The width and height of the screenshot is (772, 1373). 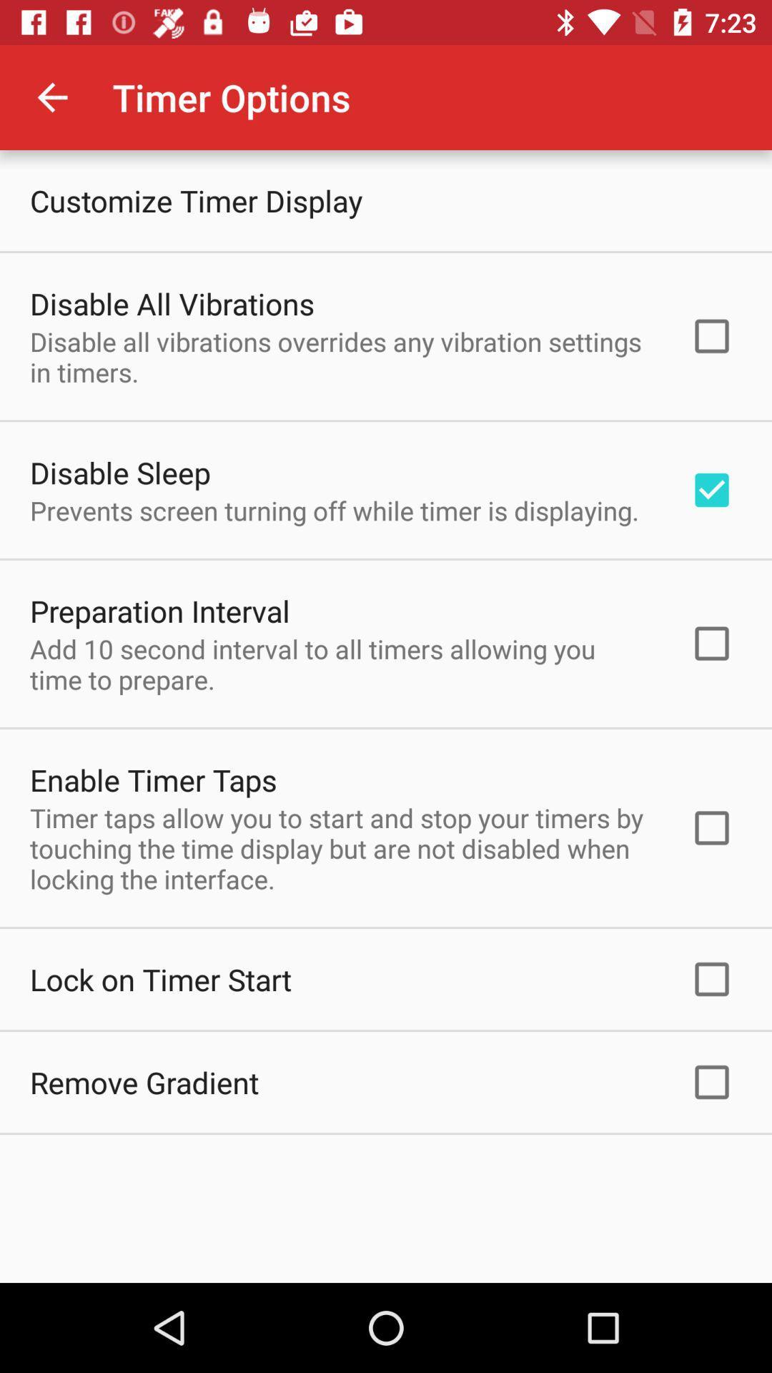 I want to click on the item below preparation interval, so click(x=341, y=663).